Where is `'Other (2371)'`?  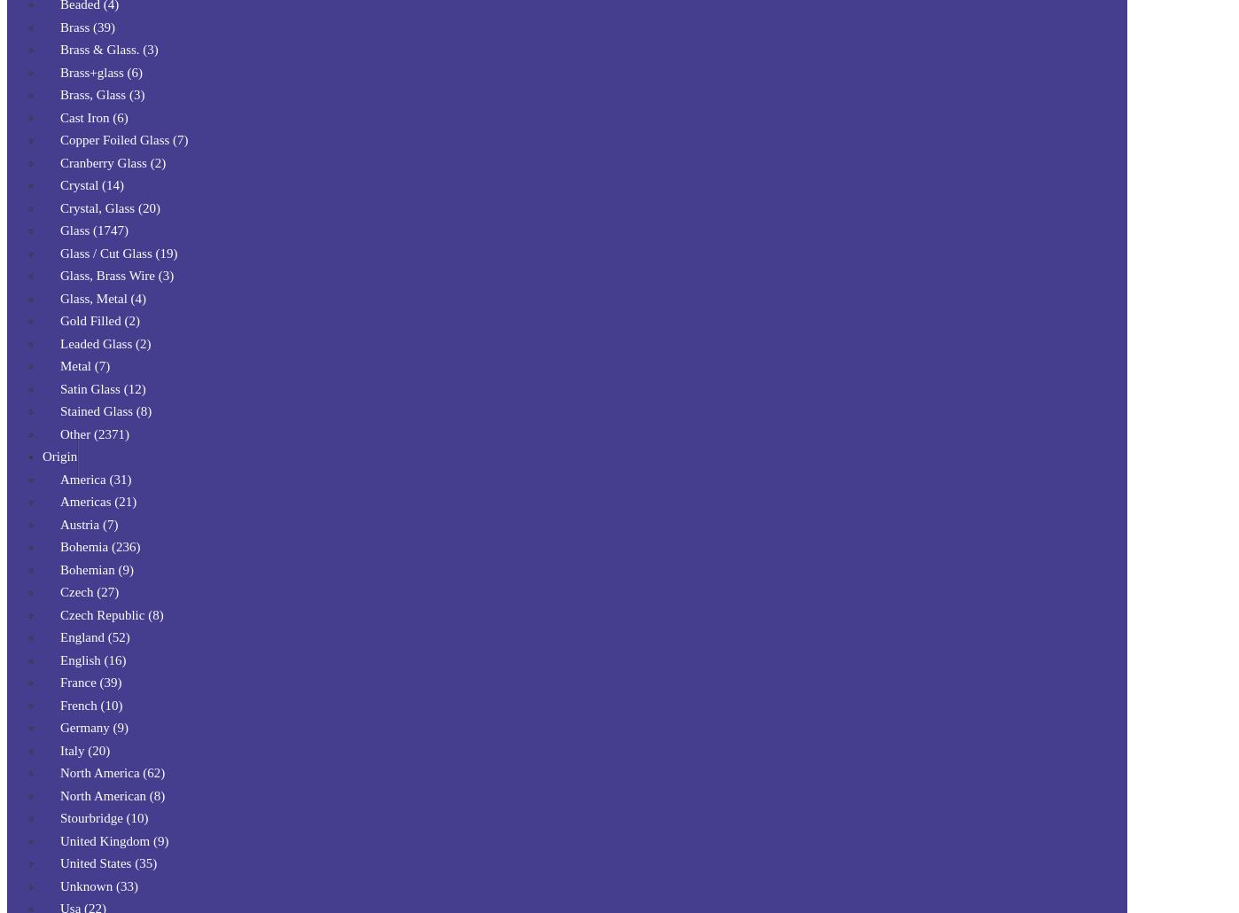 'Other (2371)' is located at coordinates (59, 433).